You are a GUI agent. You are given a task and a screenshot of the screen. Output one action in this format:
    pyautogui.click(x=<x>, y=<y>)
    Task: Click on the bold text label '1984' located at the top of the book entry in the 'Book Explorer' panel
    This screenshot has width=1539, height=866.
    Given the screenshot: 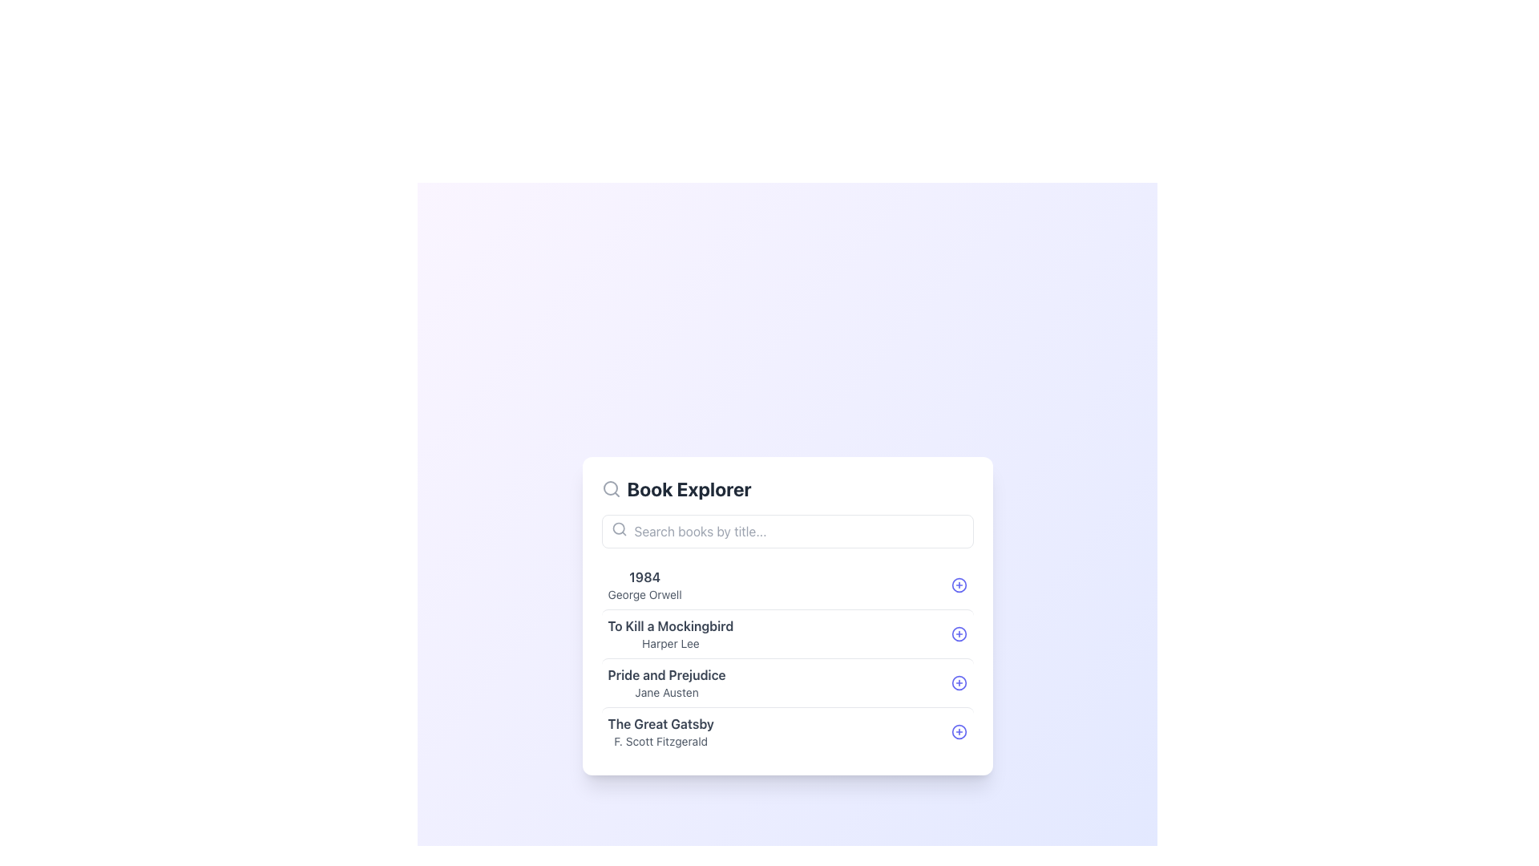 What is the action you would take?
    pyautogui.click(x=644, y=576)
    